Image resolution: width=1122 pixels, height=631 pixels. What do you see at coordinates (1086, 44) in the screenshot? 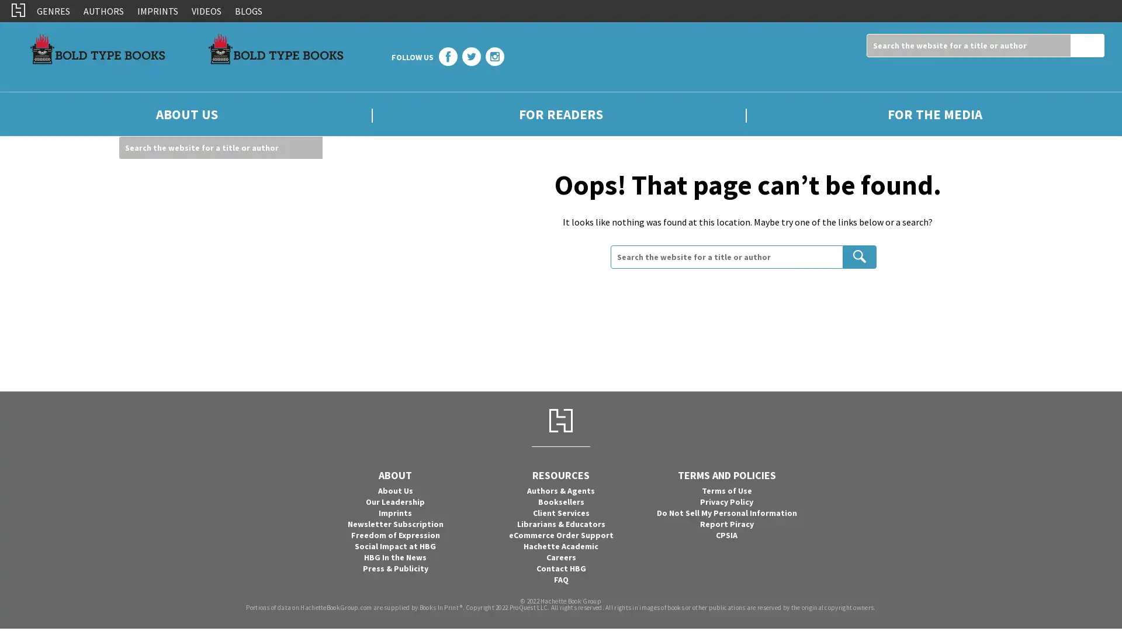
I see `Search` at bounding box center [1086, 44].